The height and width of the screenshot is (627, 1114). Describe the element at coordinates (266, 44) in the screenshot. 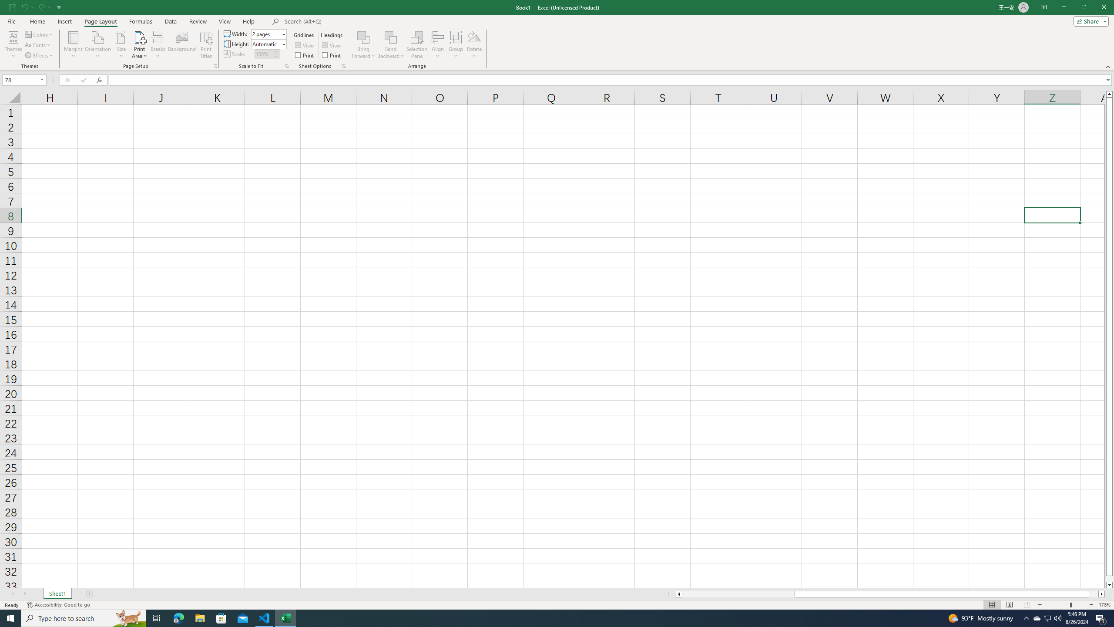

I see `'Height'` at that location.